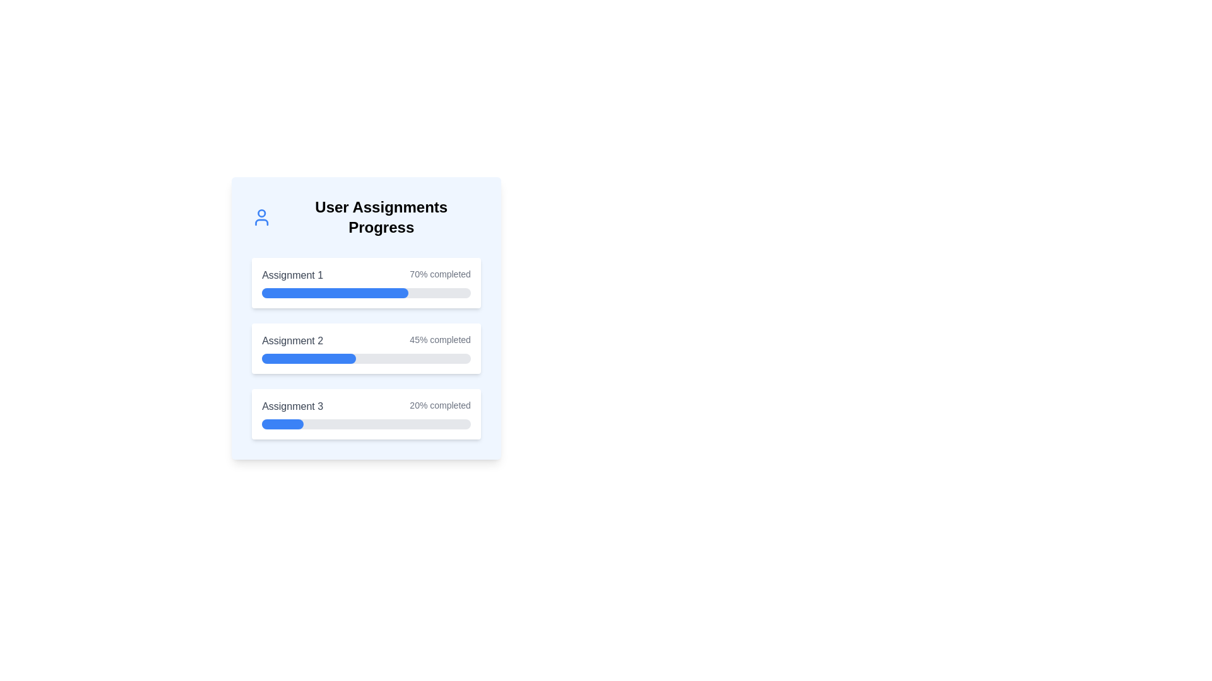  What do you see at coordinates (292, 274) in the screenshot?
I see `the 'Assignment 1' text label which indicates the specific assignment in the progress list` at bounding box center [292, 274].